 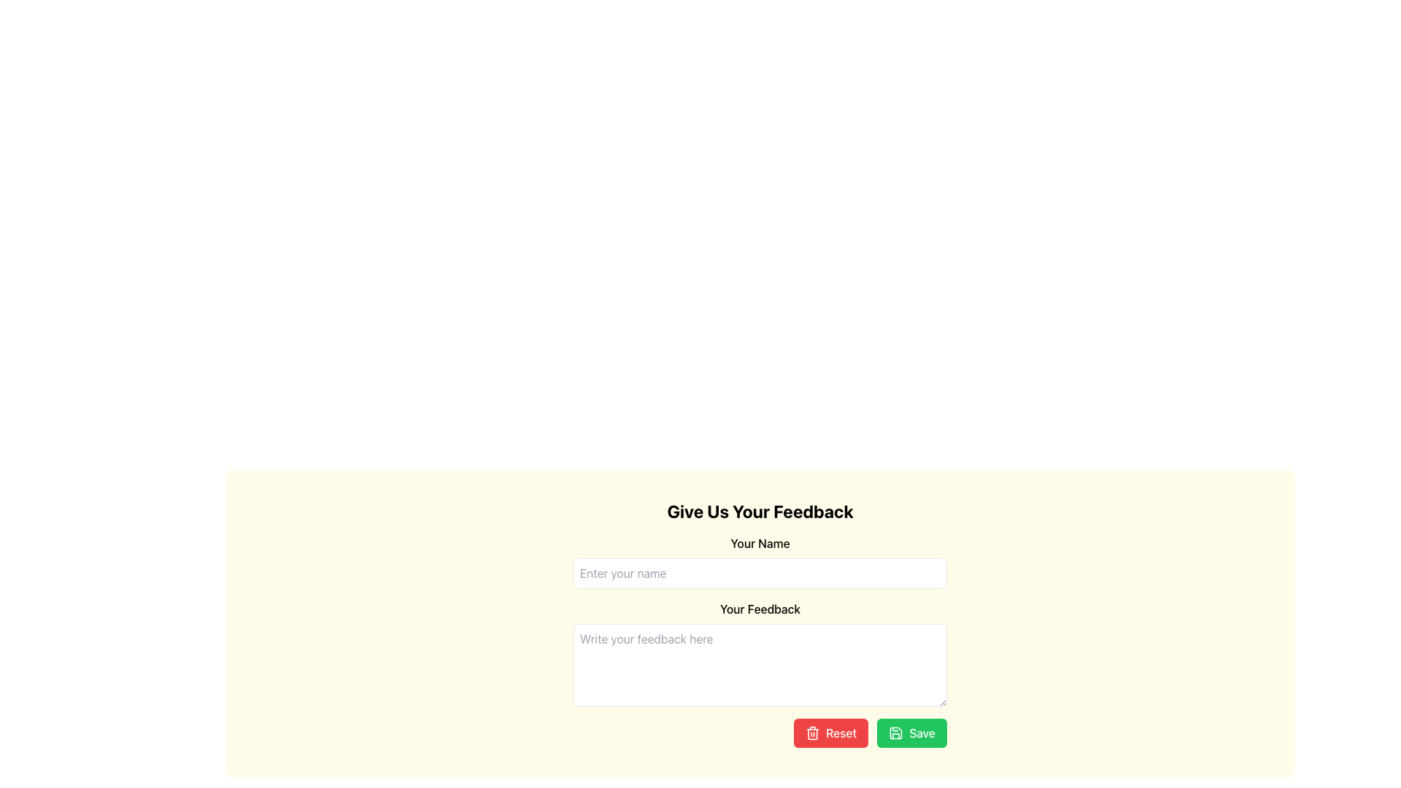 What do you see at coordinates (831, 733) in the screenshot?
I see `the red 'Reset' button located in the bottom right section of the interface` at bounding box center [831, 733].